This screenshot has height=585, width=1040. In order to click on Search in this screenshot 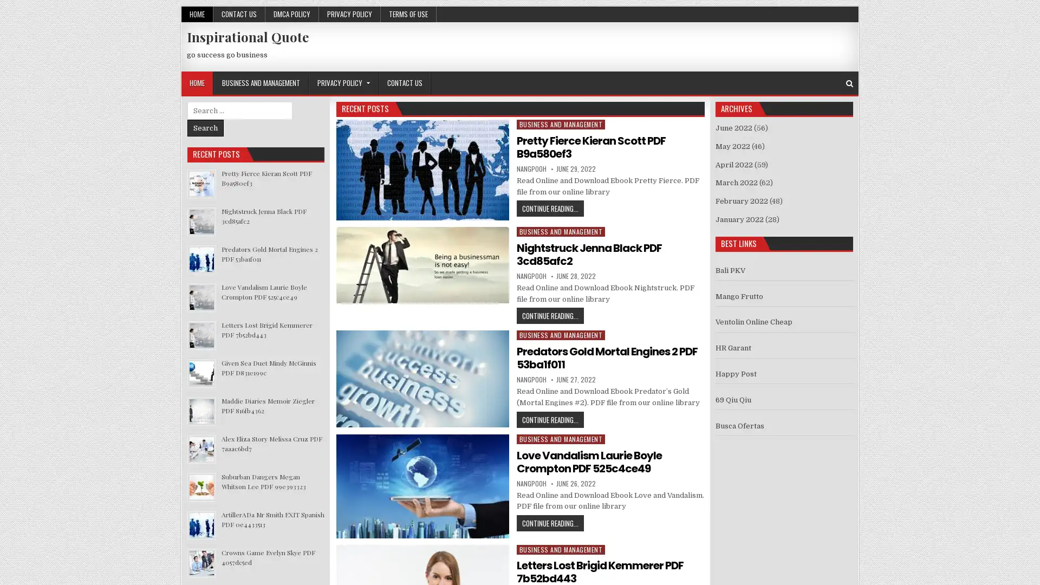, I will do `click(205, 127)`.